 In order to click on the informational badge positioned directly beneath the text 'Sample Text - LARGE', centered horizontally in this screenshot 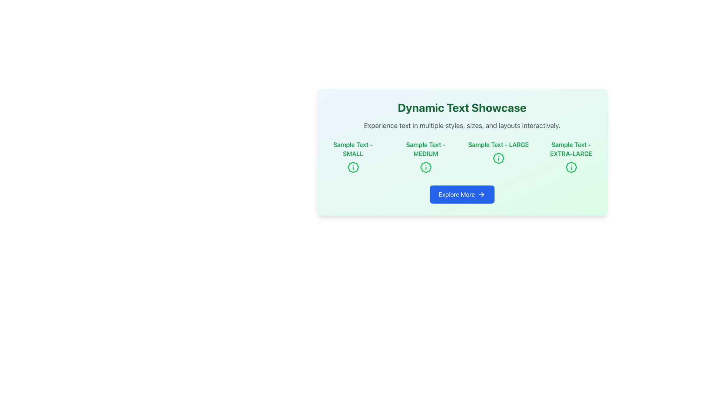, I will do `click(498, 158)`.